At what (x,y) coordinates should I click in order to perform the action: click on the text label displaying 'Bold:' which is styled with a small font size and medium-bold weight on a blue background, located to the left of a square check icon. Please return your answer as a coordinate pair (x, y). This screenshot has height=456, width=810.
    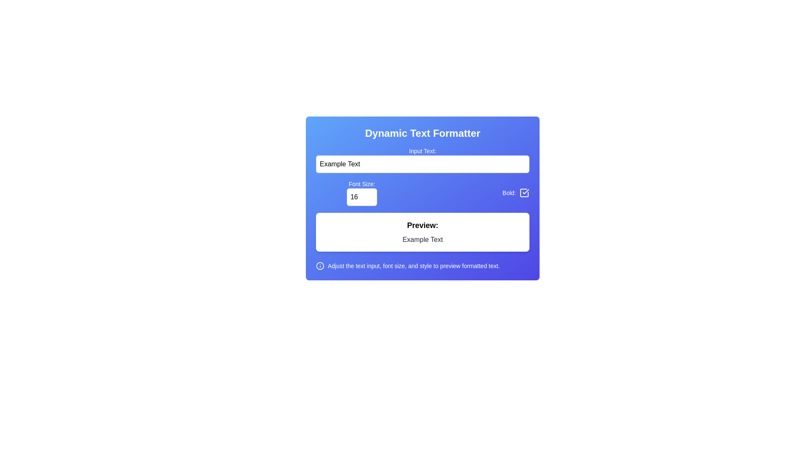
    Looking at the image, I should click on (509, 193).